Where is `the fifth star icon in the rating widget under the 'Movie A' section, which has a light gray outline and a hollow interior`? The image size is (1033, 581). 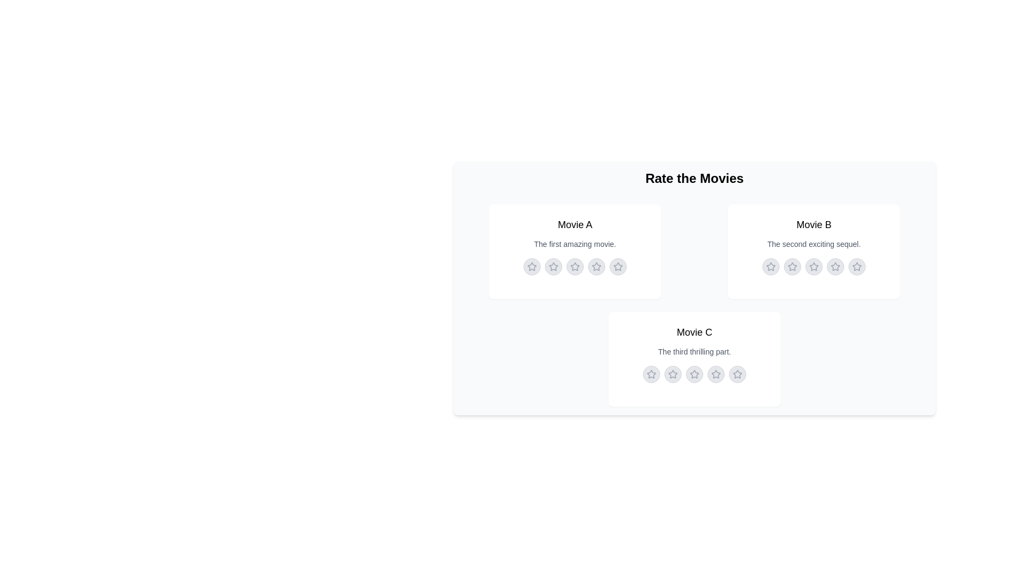 the fifth star icon in the rating widget under the 'Movie A' section, which has a light gray outline and a hollow interior is located at coordinates (617, 266).